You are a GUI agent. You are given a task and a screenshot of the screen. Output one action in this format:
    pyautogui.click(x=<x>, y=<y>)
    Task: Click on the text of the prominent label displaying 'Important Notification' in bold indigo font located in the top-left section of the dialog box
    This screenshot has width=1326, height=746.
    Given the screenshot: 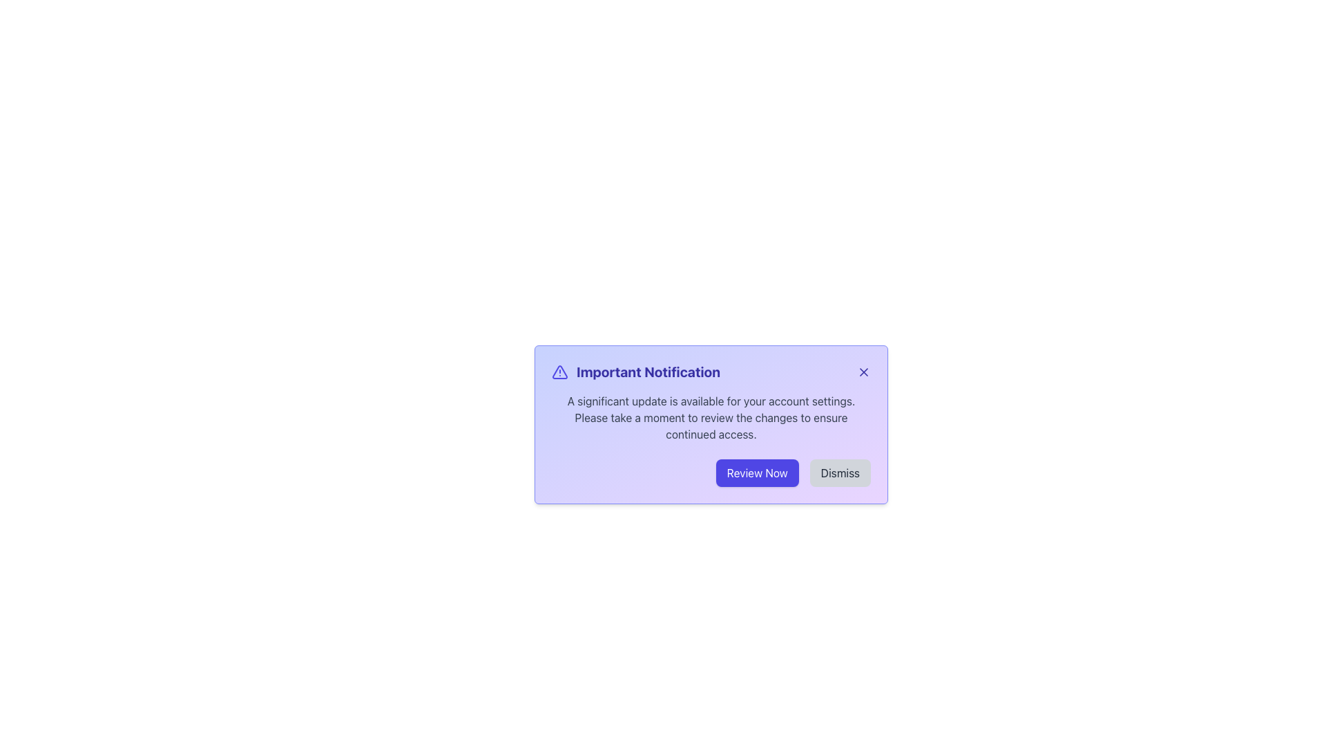 What is the action you would take?
    pyautogui.click(x=648, y=372)
    